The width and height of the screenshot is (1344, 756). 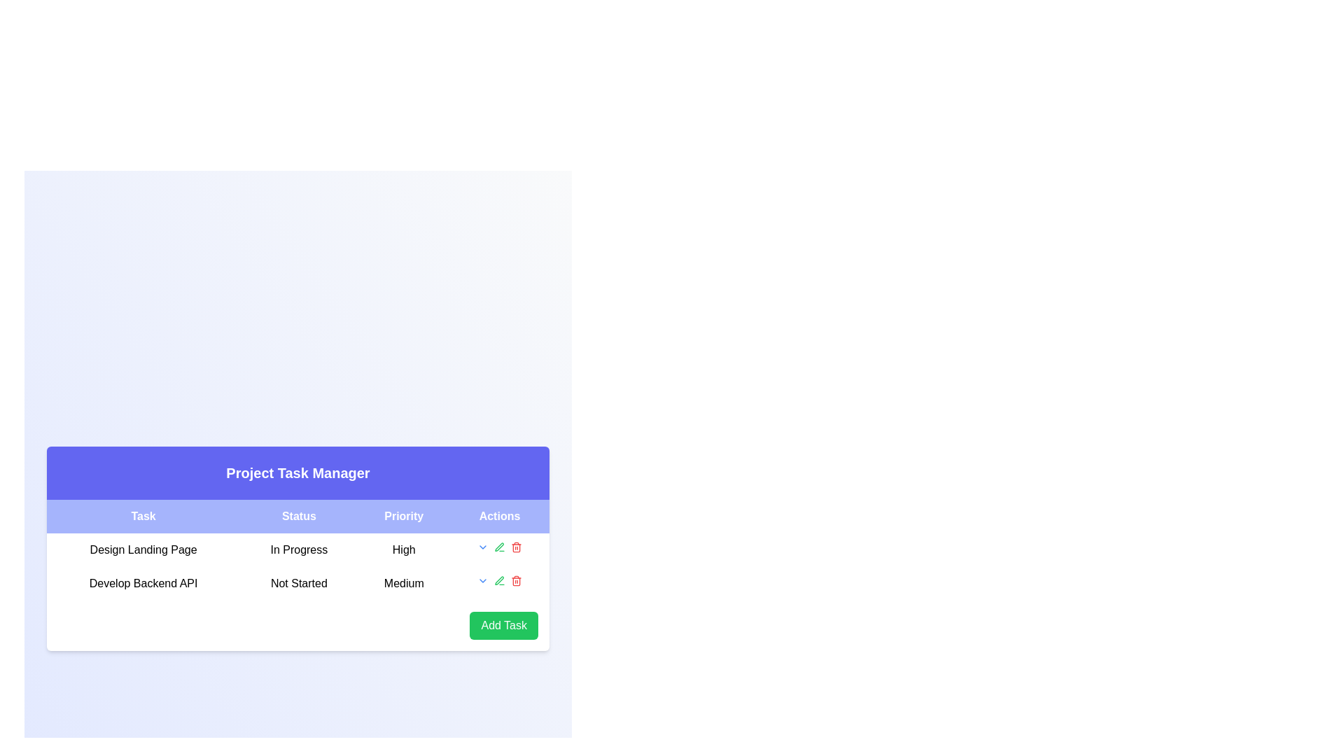 I want to click on the text in the cells of the first row of the task table, which includes details such as status, priority, and interaction options, so click(x=297, y=549).